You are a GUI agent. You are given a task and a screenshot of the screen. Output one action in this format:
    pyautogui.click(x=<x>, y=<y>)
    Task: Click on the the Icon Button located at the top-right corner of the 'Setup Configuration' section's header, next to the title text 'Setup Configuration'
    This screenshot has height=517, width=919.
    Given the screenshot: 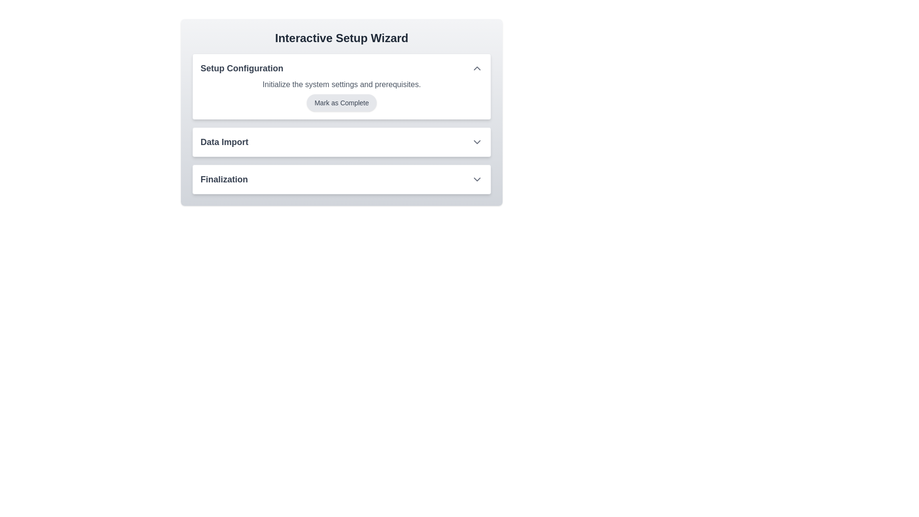 What is the action you would take?
    pyautogui.click(x=477, y=67)
    